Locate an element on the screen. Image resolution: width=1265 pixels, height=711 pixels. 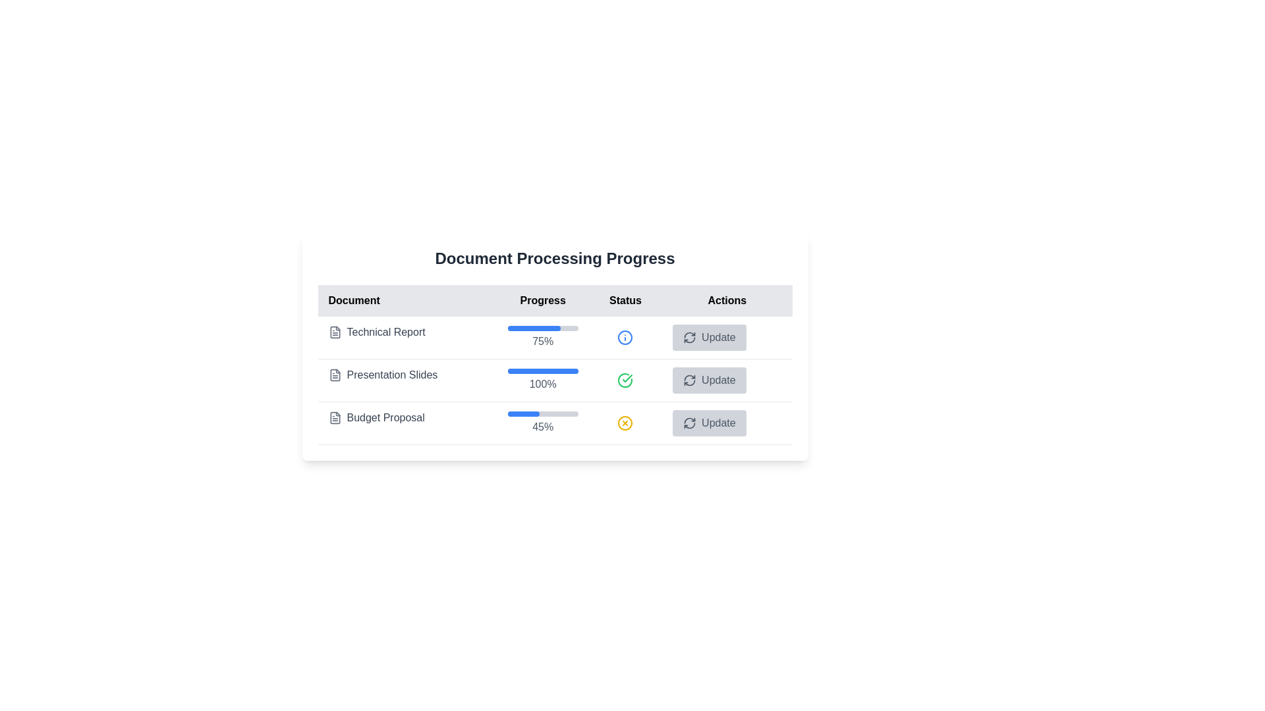
the refresh icon button located is located at coordinates (689, 381).